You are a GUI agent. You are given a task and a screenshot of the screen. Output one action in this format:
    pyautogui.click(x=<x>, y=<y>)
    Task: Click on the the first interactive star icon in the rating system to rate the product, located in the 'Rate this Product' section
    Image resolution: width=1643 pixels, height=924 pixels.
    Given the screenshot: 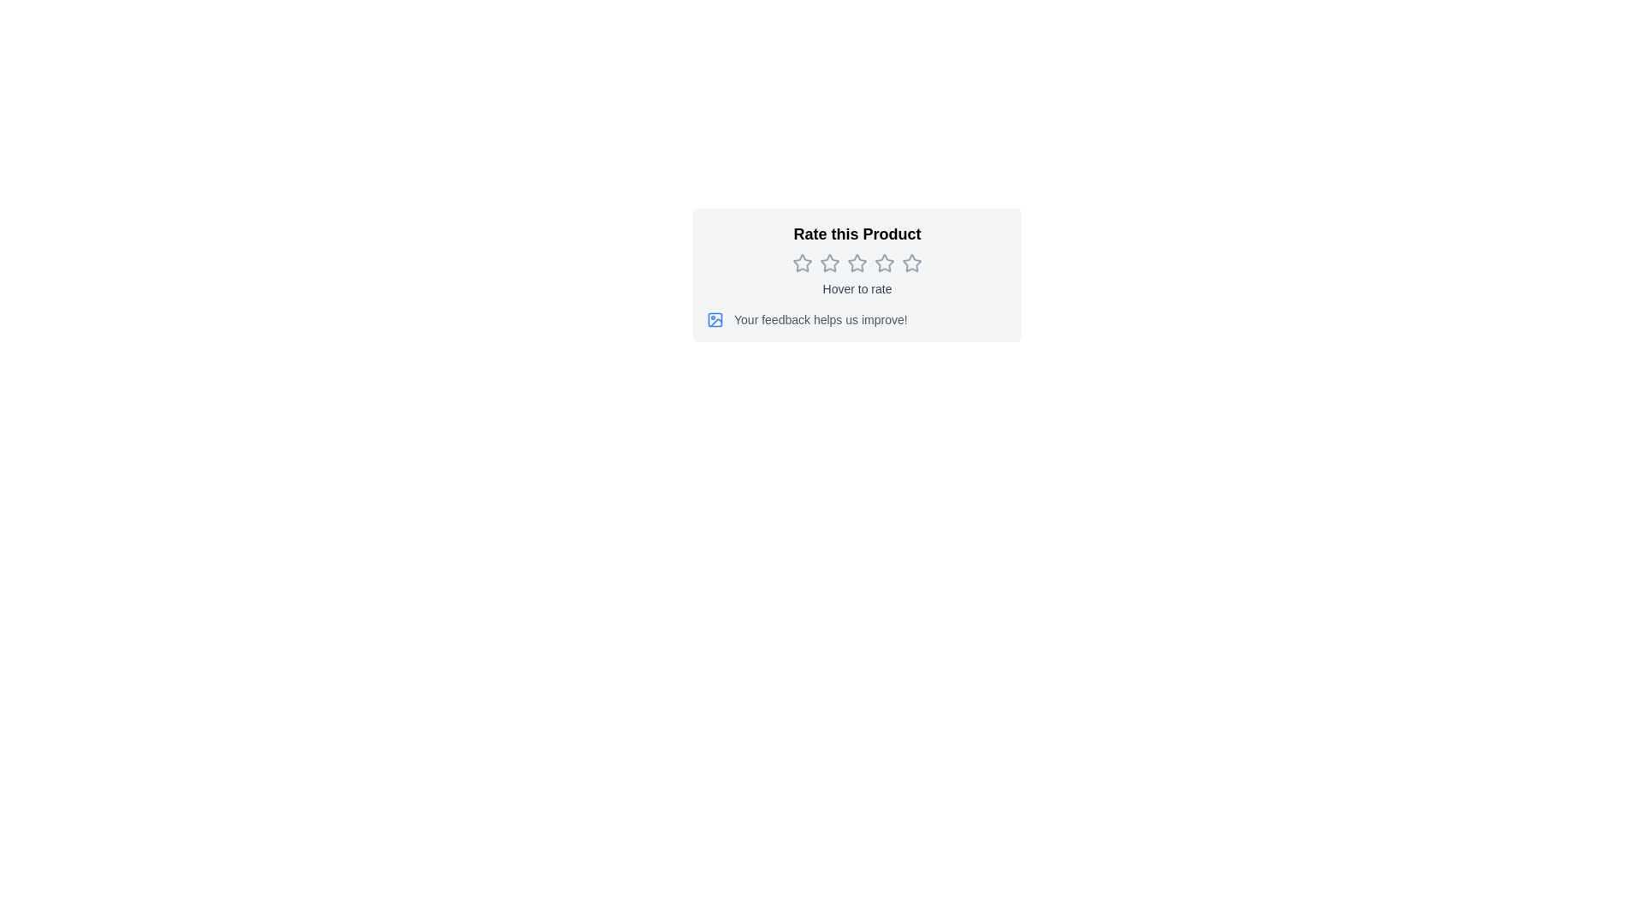 What is the action you would take?
    pyautogui.click(x=801, y=264)
    